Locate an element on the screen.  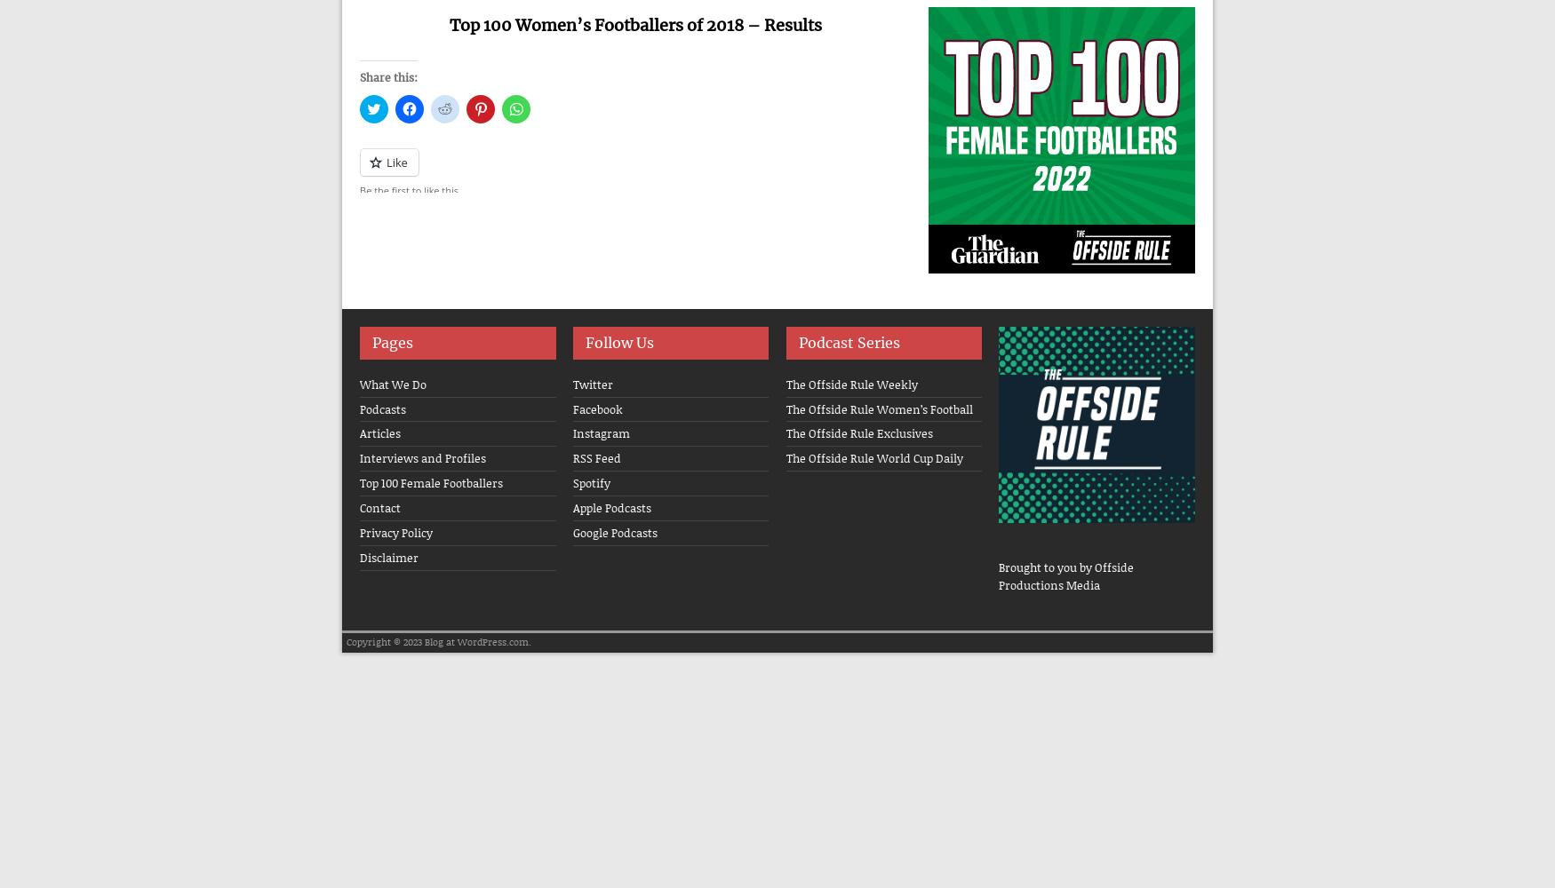
'Brought to you by' is located at coordinates (1045, 567).